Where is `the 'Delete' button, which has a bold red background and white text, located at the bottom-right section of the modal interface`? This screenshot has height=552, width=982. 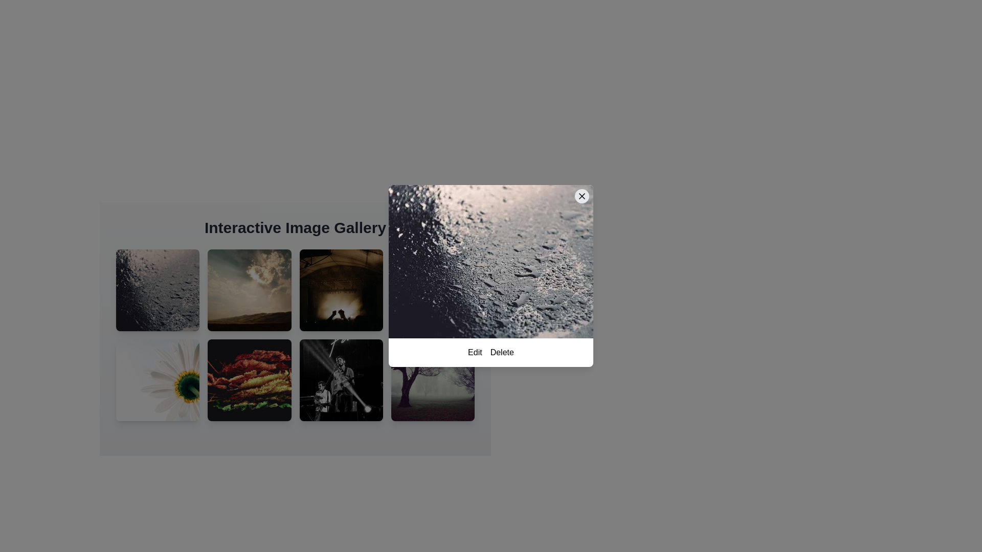
the 'Delete' button, which has a bold red background and white text, located at the bottom-right section of the modal interface is located at coordinates (502, 352).